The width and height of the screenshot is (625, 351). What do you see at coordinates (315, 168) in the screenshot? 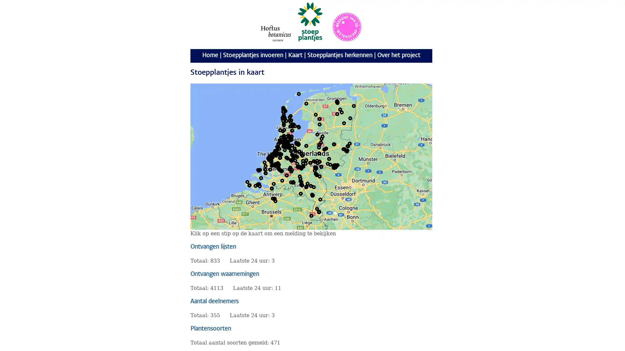
I see `Telling van Bas op 10 juni 2022` at bounding box center [315, 168].